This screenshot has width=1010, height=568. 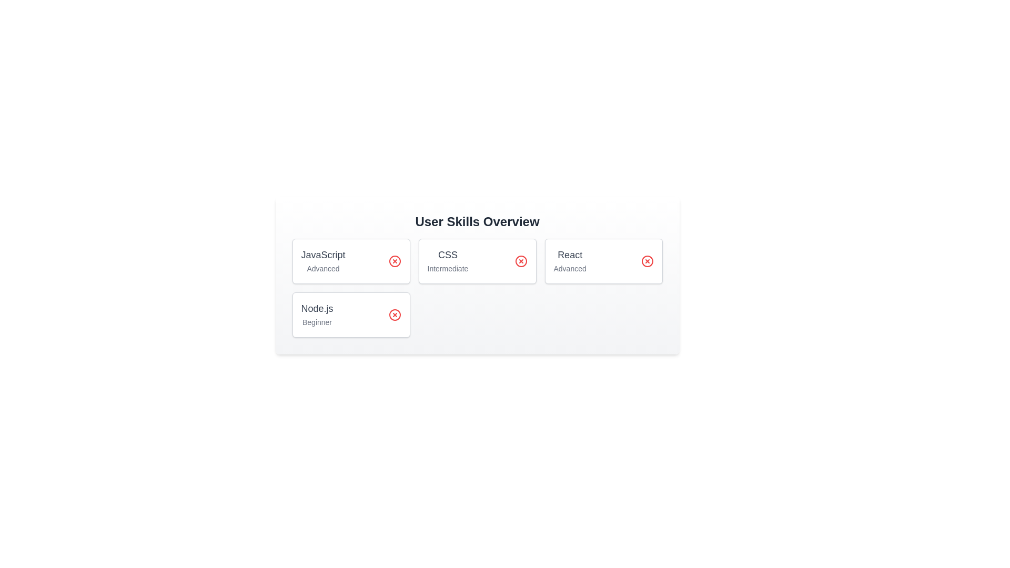 I want to click on the delete button for the skill React, so click(x=647, y=261).